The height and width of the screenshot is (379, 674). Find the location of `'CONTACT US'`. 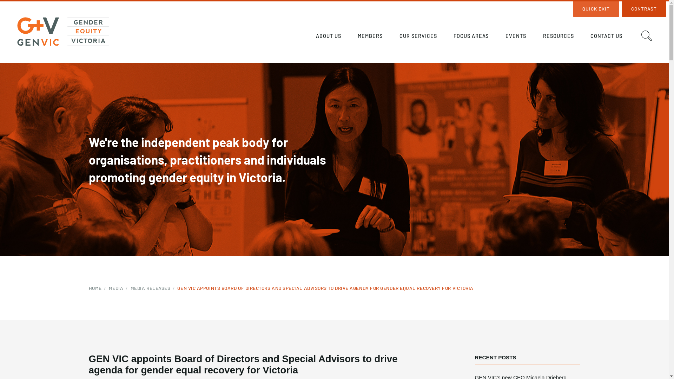

'CONTACT US' is located at coordinates (606, 37).